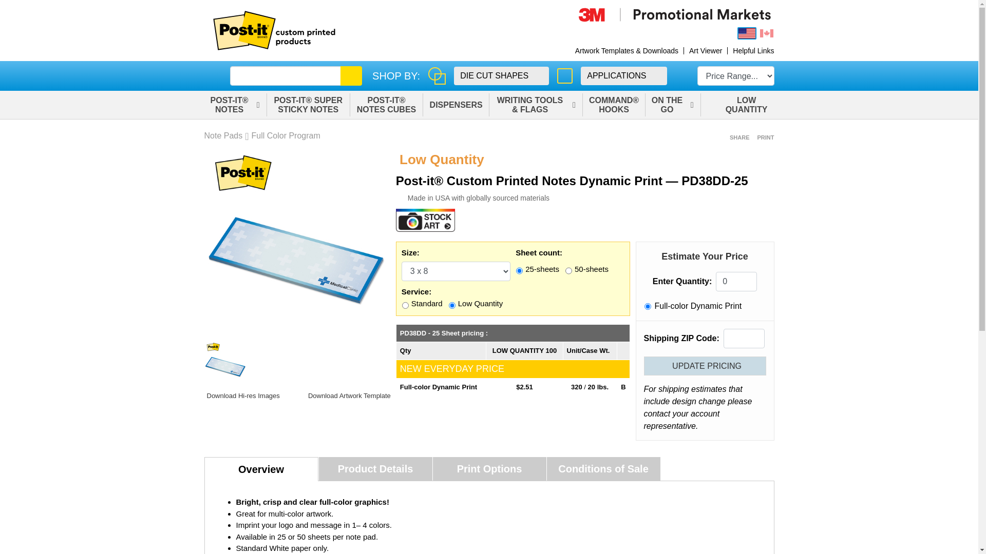 This screenshot has width=986, height=554. I want to click on 'APPLICATIONS', so click(623, 75).